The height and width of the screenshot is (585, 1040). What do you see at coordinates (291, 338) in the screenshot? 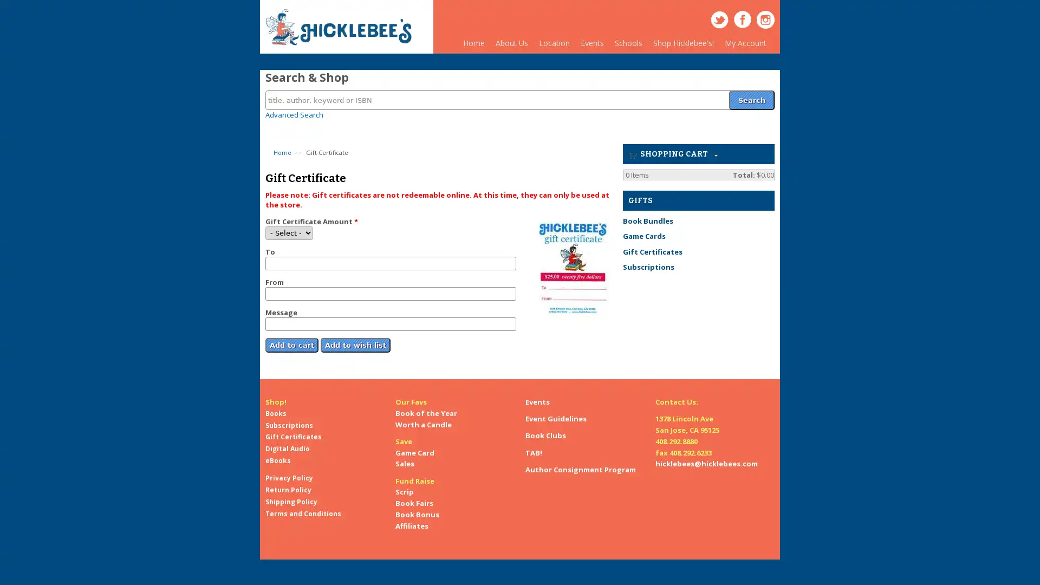
I see `Add to cart` at bounding box center [291, 338].